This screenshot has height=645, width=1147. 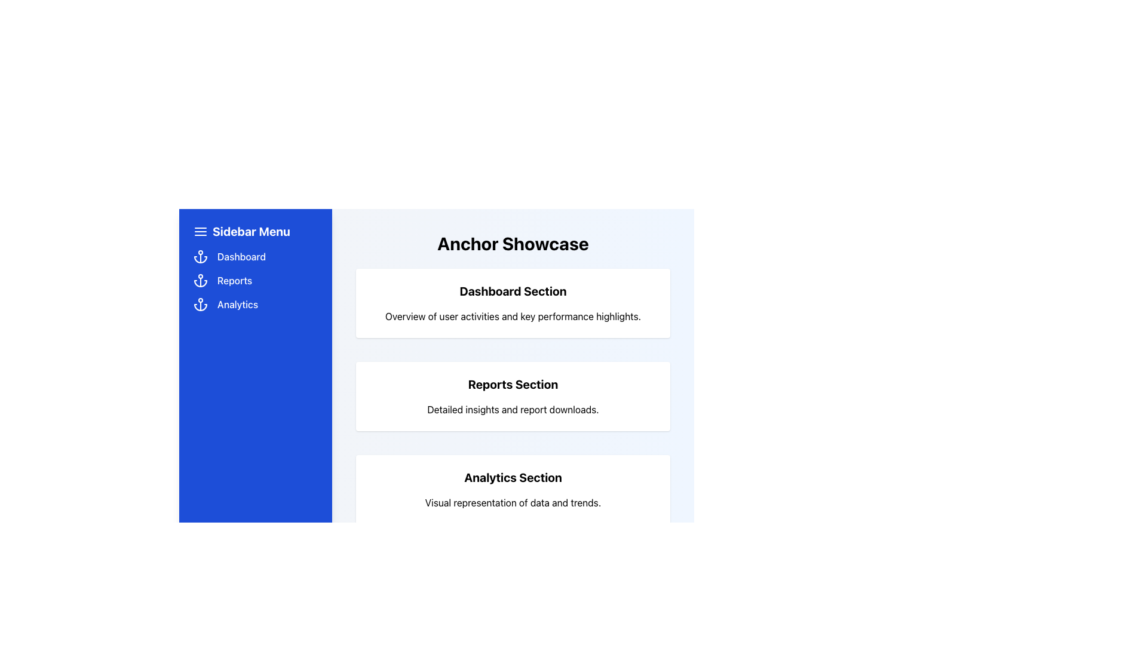 I want to click on the 'Reports' composite navigation link in the sidebar, so click(x=254, y=281).